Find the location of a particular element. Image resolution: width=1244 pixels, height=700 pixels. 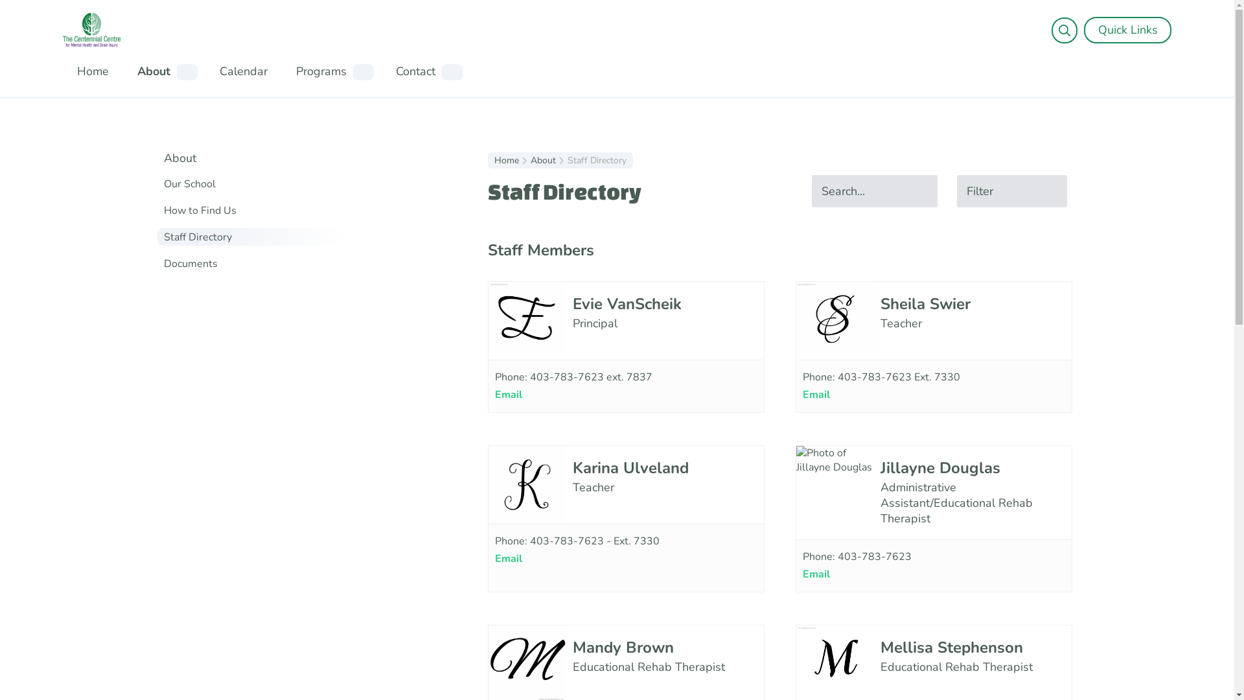

'Documents' is located at coordinates (163, 263).